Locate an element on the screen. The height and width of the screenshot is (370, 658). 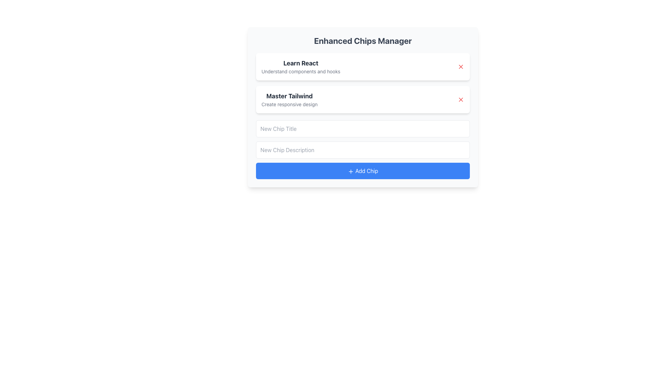
the small '+' icon styled with a thin line art design, which is rendered in white on a blue rectangular button with rounded corners, located at the center-left of the 'Add Chip' button is located at coordinates (351, 171).